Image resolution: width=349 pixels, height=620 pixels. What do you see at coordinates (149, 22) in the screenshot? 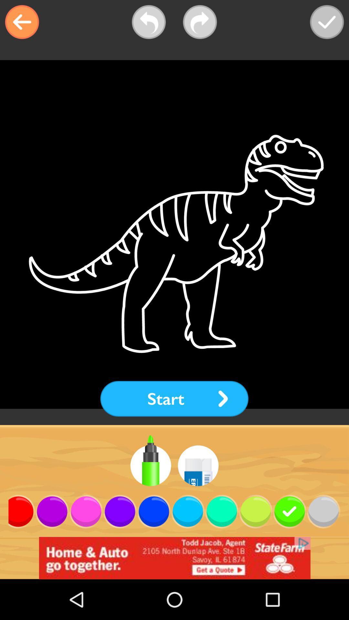
I see `undo` at bounding box center [149, 22].